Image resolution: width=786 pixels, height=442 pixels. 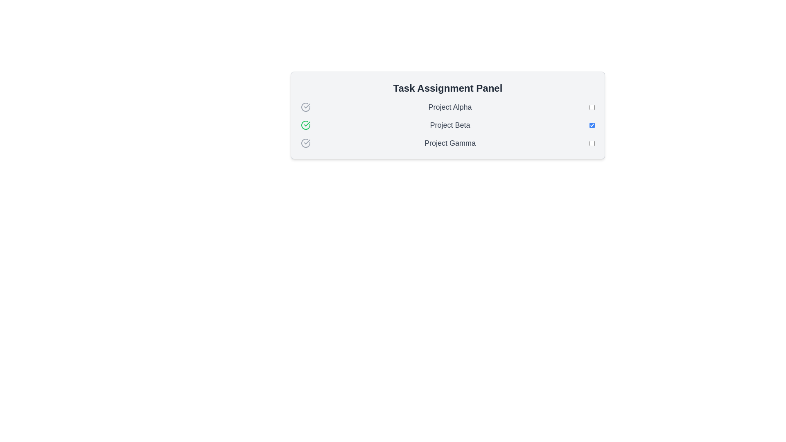 I want to click on the 'Task Assignment Panel', so click(x=447, y=115).